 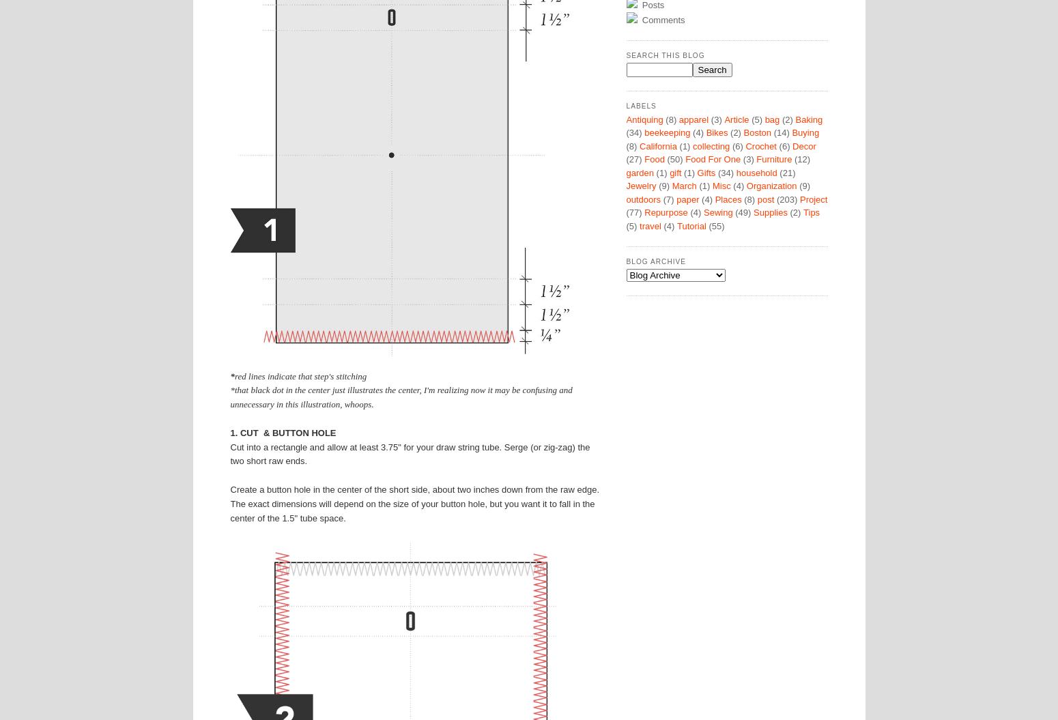 I want to click on '(14)', so click(x=780, y=132).